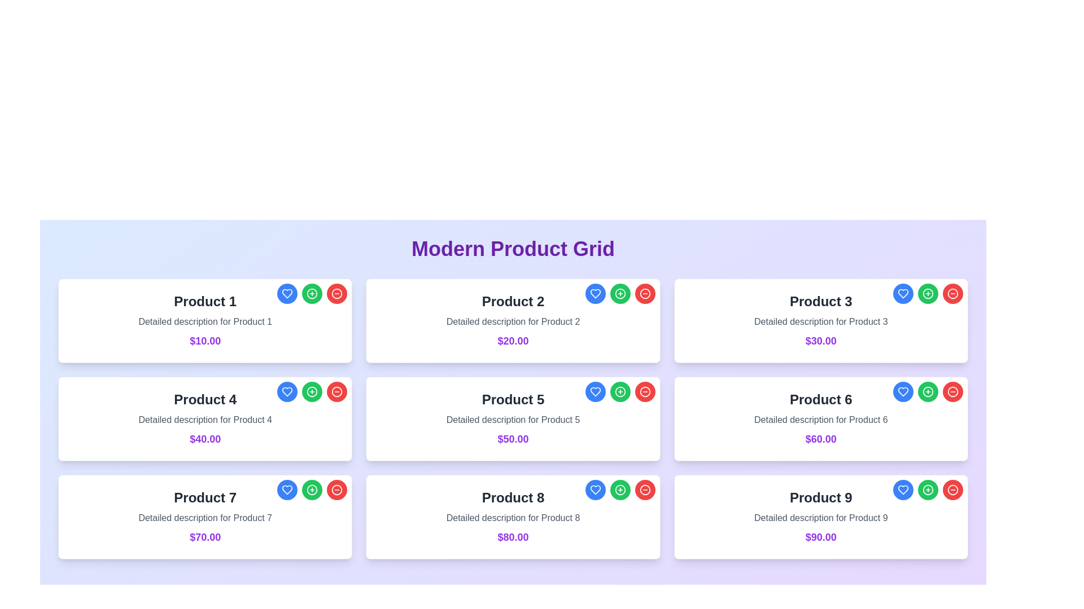 The image size is (1084, 609). I want to click on the 'like' icon located in the bottom-right corner of the 'Product 9' card to mark it as a favorite, so click(902, 391).